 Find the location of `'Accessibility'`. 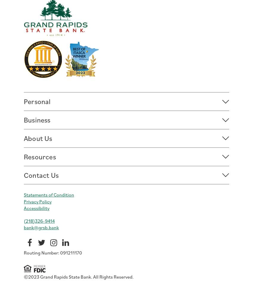

'Accessibility' is located at coordinates (36, 208).